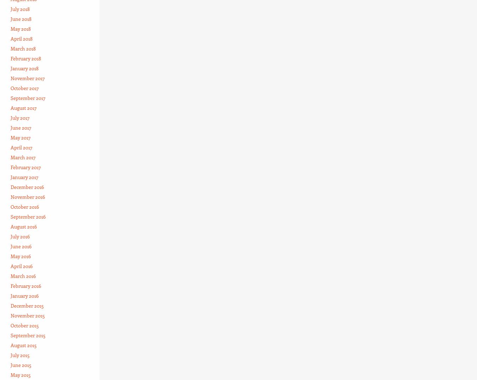 This screenshot has height=380, width=477. What do you see at coordinates (27, 196) in the screenshot?
I see `'November 2016'` at bounding box center [27, 196].